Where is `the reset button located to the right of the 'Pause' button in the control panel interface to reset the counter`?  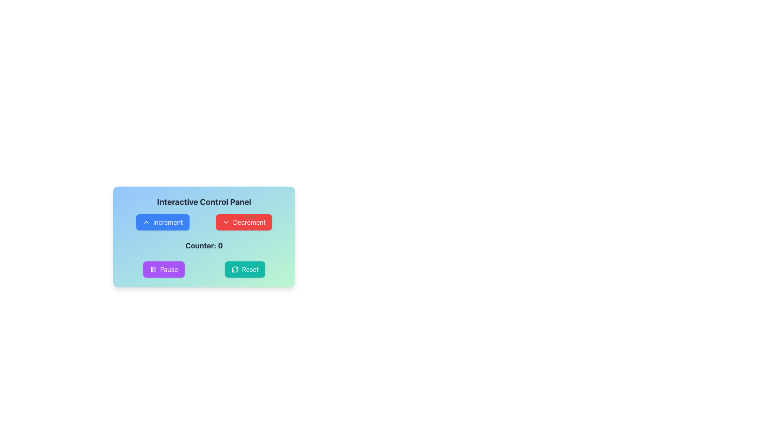
the reset button located to the right of the 'Pause' button in the control panel interface to reset the counter is located at coordinates (244, 269).